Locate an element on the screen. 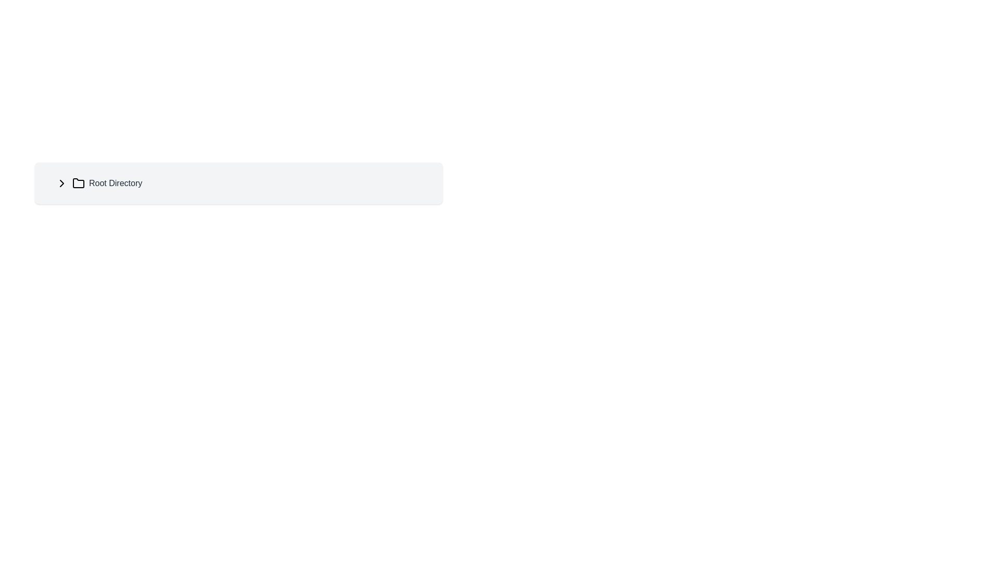 The width and height of the screenshot is (1000, 563). the minimalistic folder icon that is outlined without filled color, located to the right of a chevron arrow icon and to the left of the 'Root Directory' text label is located at coordinates (78, 182).